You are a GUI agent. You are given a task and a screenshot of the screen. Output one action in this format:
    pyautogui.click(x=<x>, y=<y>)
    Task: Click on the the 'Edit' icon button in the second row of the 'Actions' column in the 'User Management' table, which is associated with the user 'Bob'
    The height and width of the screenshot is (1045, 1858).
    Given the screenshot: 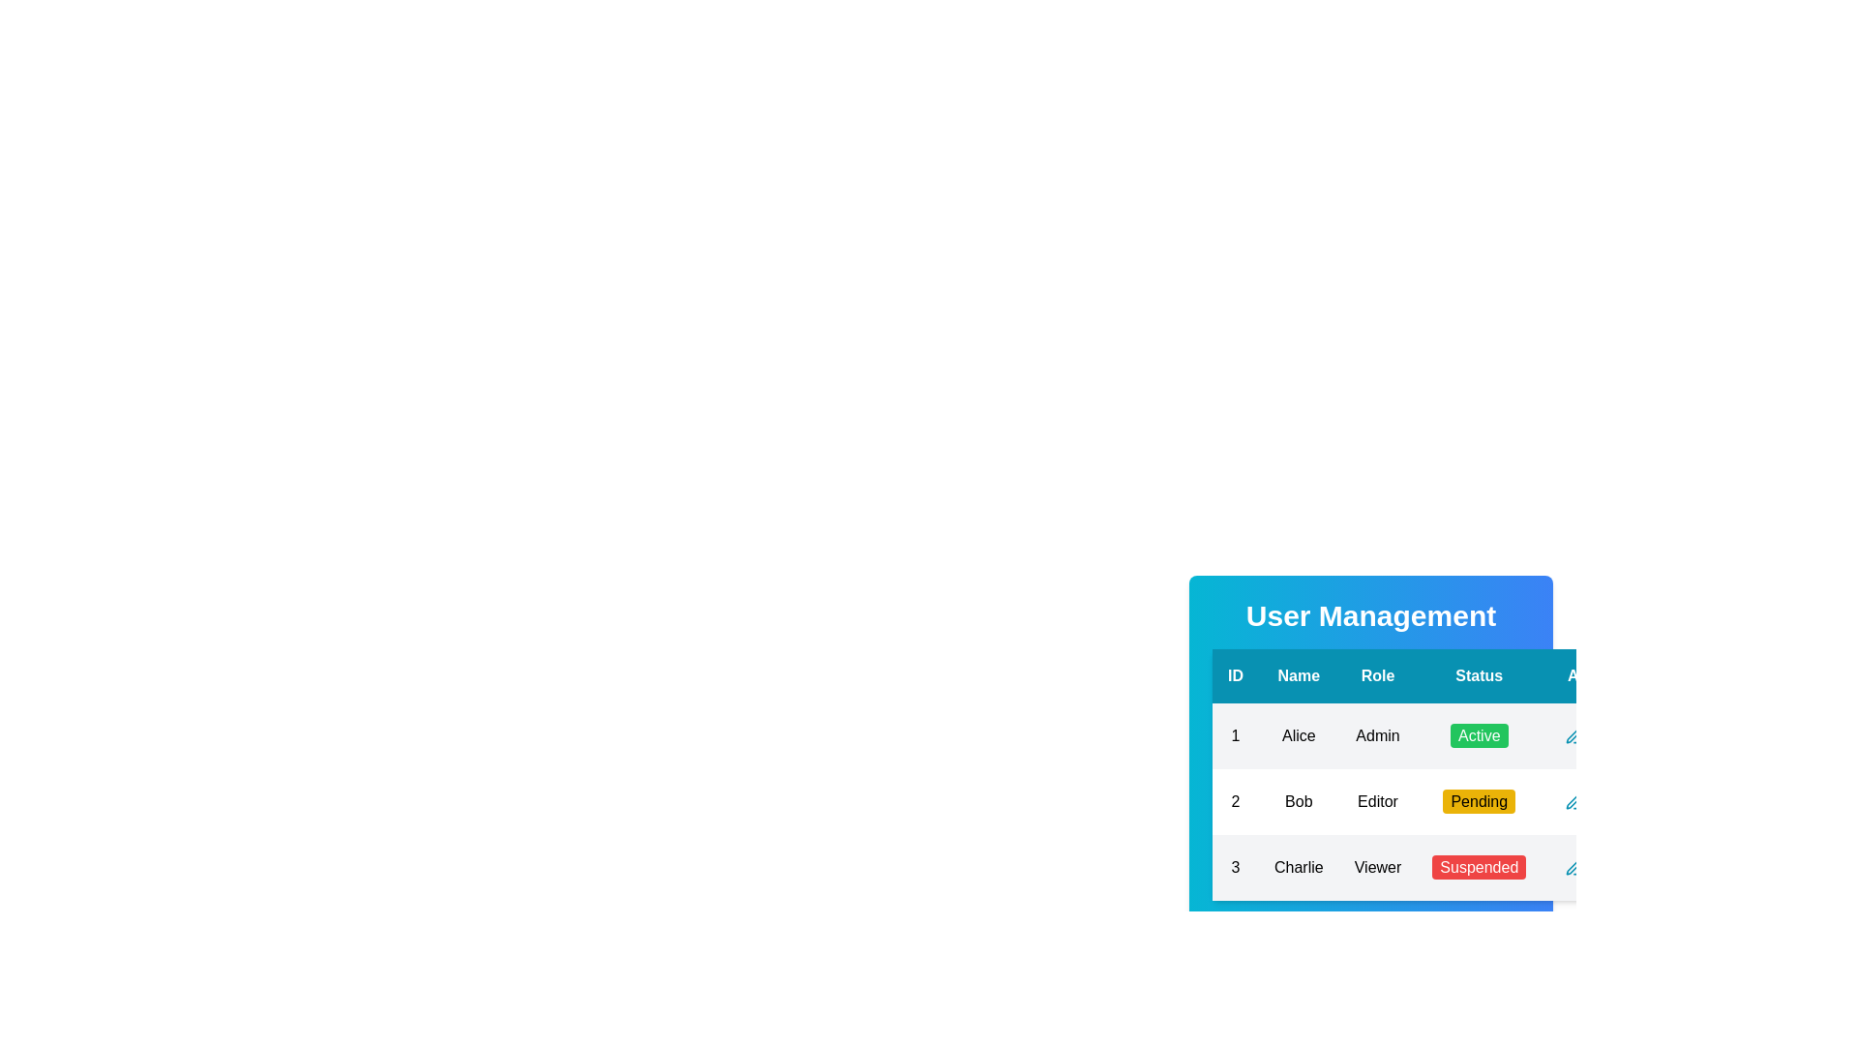 What is the action you would take?
    pyautogui.click(x=1574, y=802)
    